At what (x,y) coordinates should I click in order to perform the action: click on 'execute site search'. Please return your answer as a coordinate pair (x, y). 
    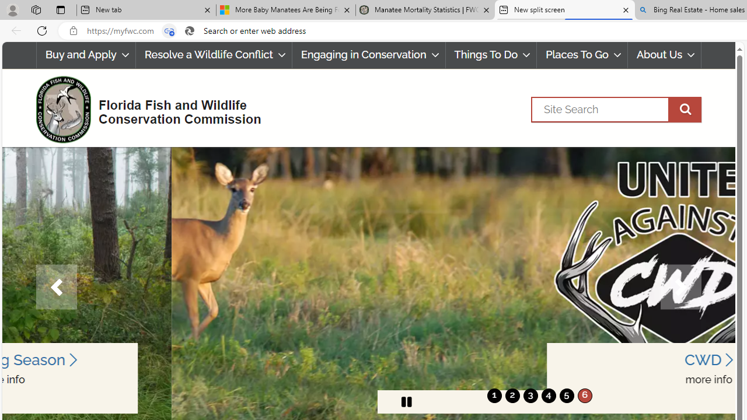
    Looking at the image, I should click on (685, 109).